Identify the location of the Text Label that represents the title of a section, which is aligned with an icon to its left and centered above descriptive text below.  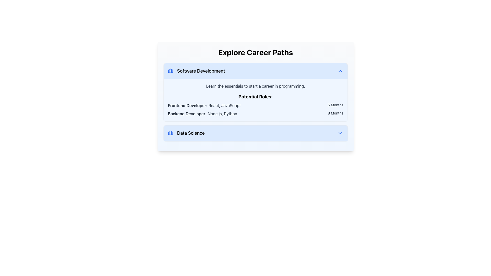
(201, 71).